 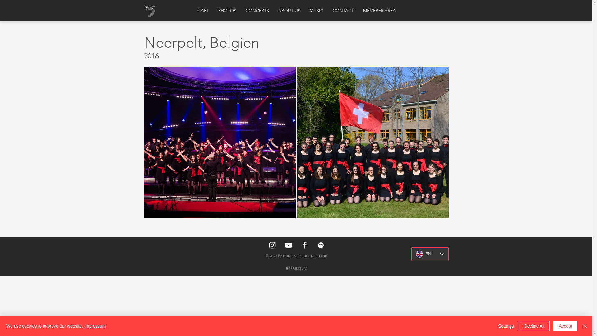 What do you see at coordinates (379, 11) in the screenshot?
I see `'MEMEBER AREA'` at bounding box center [379, 11].